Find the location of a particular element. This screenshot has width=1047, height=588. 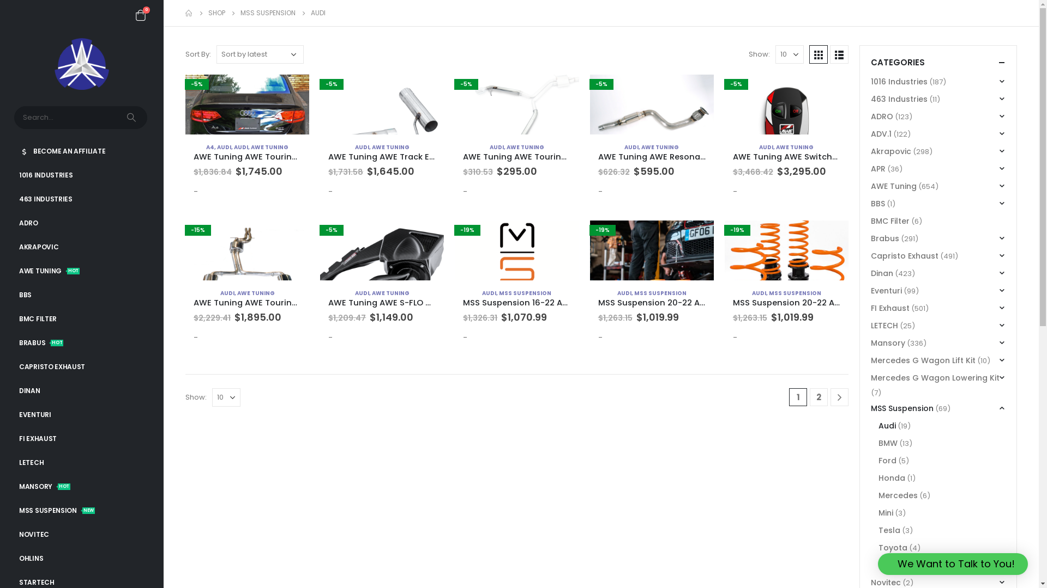

'Eventuri' is located at coordinates (886, 290).